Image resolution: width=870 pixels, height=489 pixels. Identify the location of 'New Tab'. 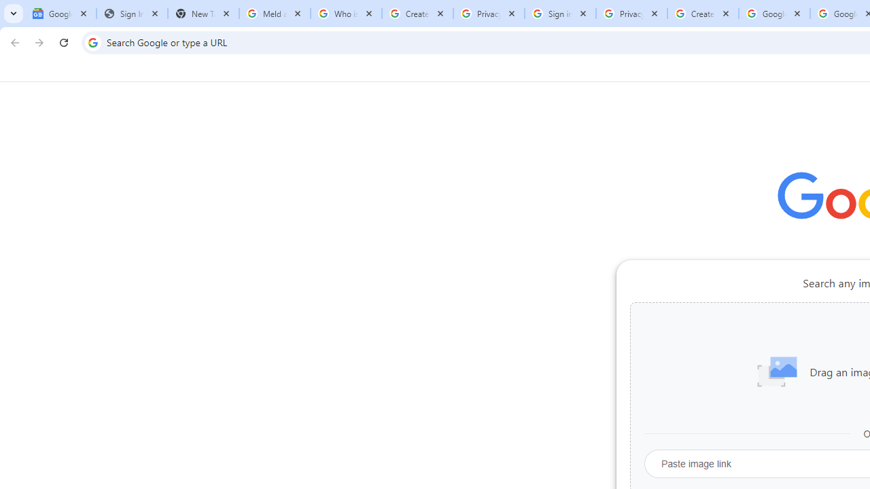
(203, 14).